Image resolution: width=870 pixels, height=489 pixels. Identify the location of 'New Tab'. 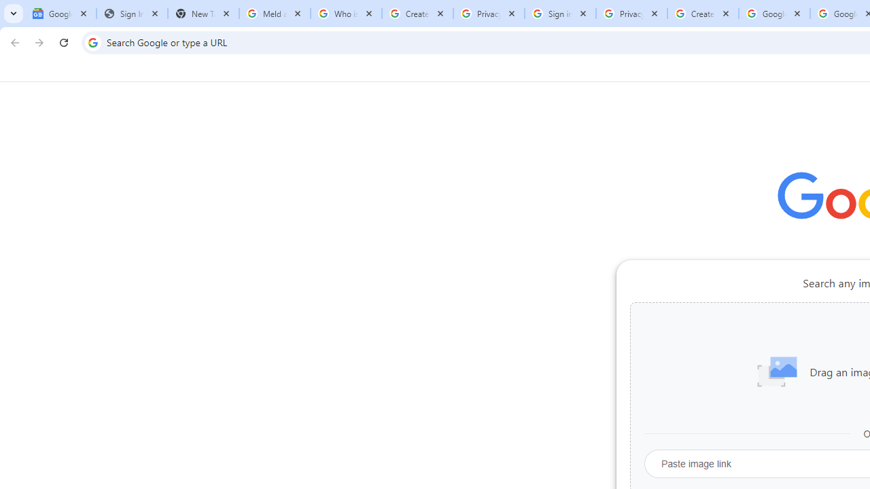
(203, 14).